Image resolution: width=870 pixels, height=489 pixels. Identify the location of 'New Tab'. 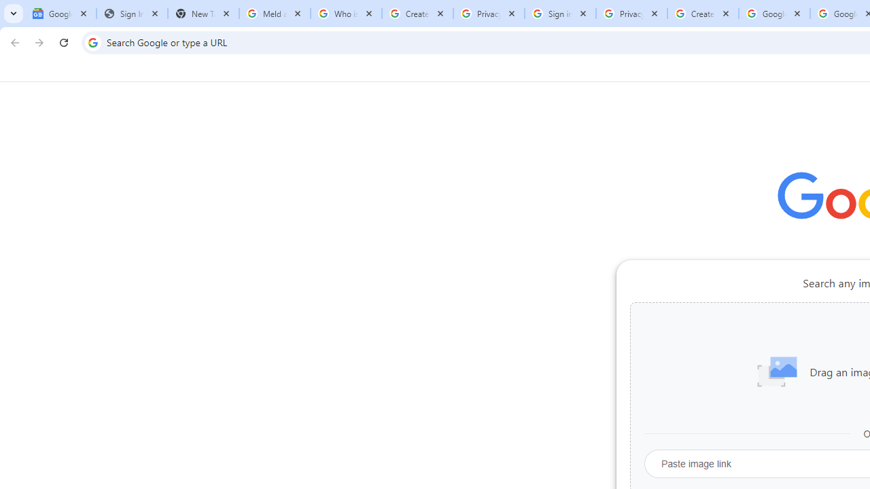
(203, 14).